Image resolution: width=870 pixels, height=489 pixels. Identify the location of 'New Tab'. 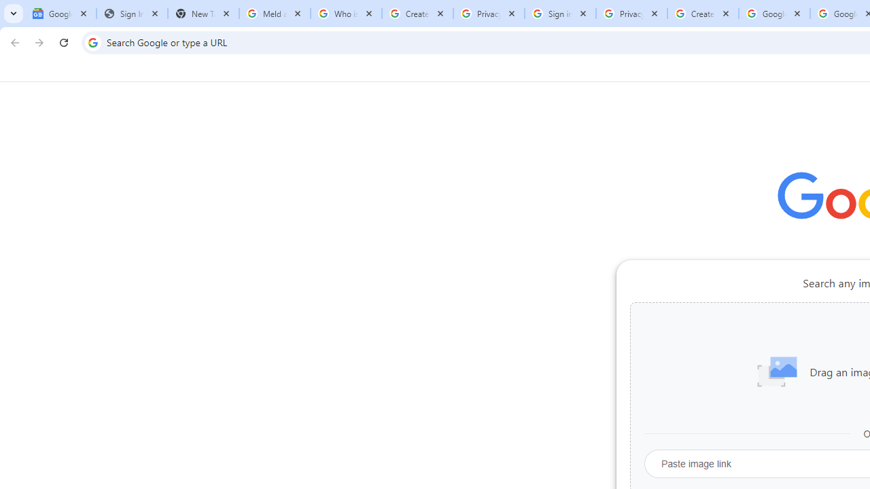
(203, 14).